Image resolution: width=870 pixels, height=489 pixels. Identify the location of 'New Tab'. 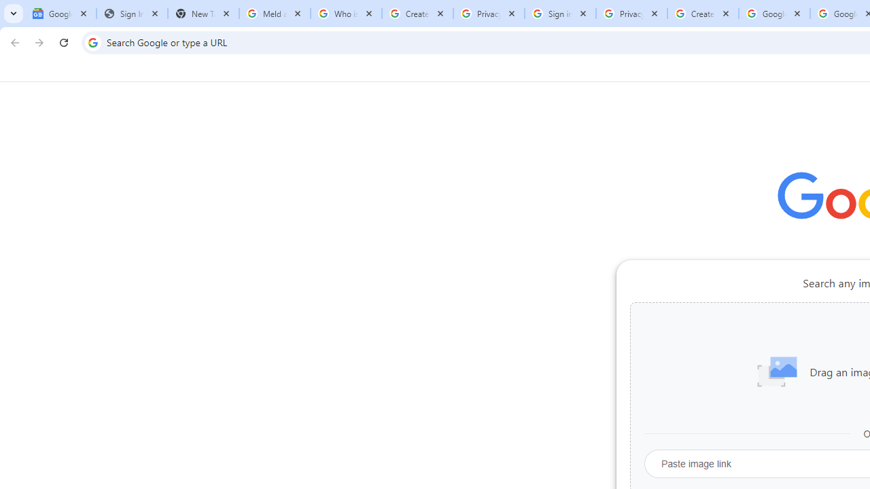
(203, 14).